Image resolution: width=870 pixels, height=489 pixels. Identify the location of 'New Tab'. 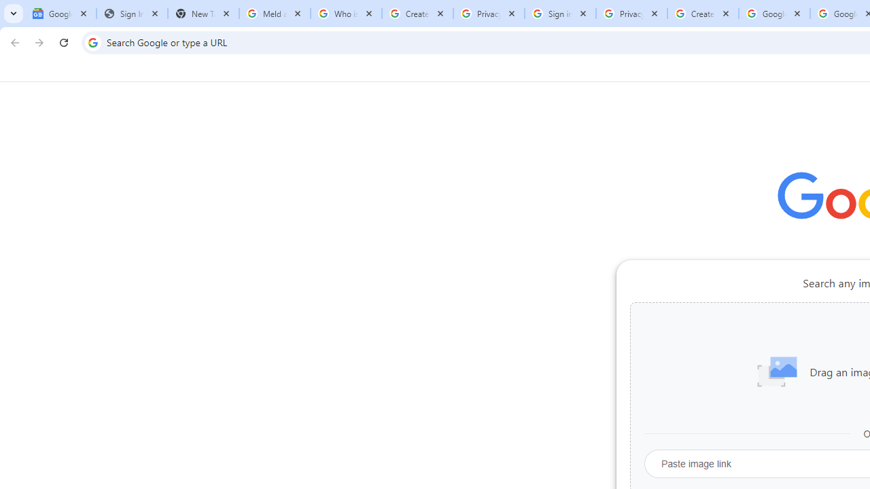
(203, 14).